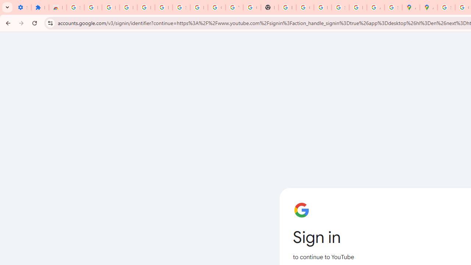 This screenshot has height=265, width=471. Describe the element at coordinates (128, 7) in the screenshot. I see `'Delete photos & videos - Computer - Google Photos Help'` at that location.